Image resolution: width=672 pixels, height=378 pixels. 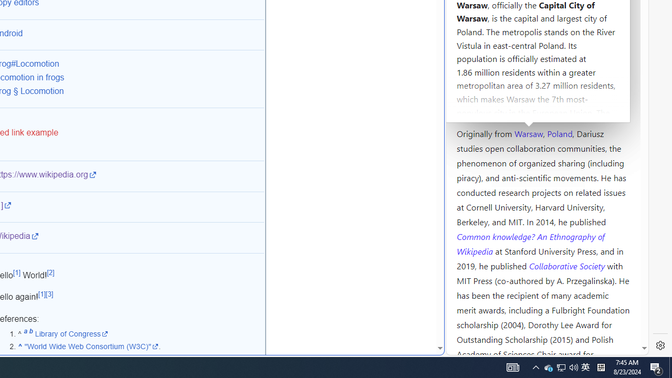 What do you see at coordinates (543, 71) in the screenshot?
I see `'Kozminski University'` at bounding box center [543, 71].